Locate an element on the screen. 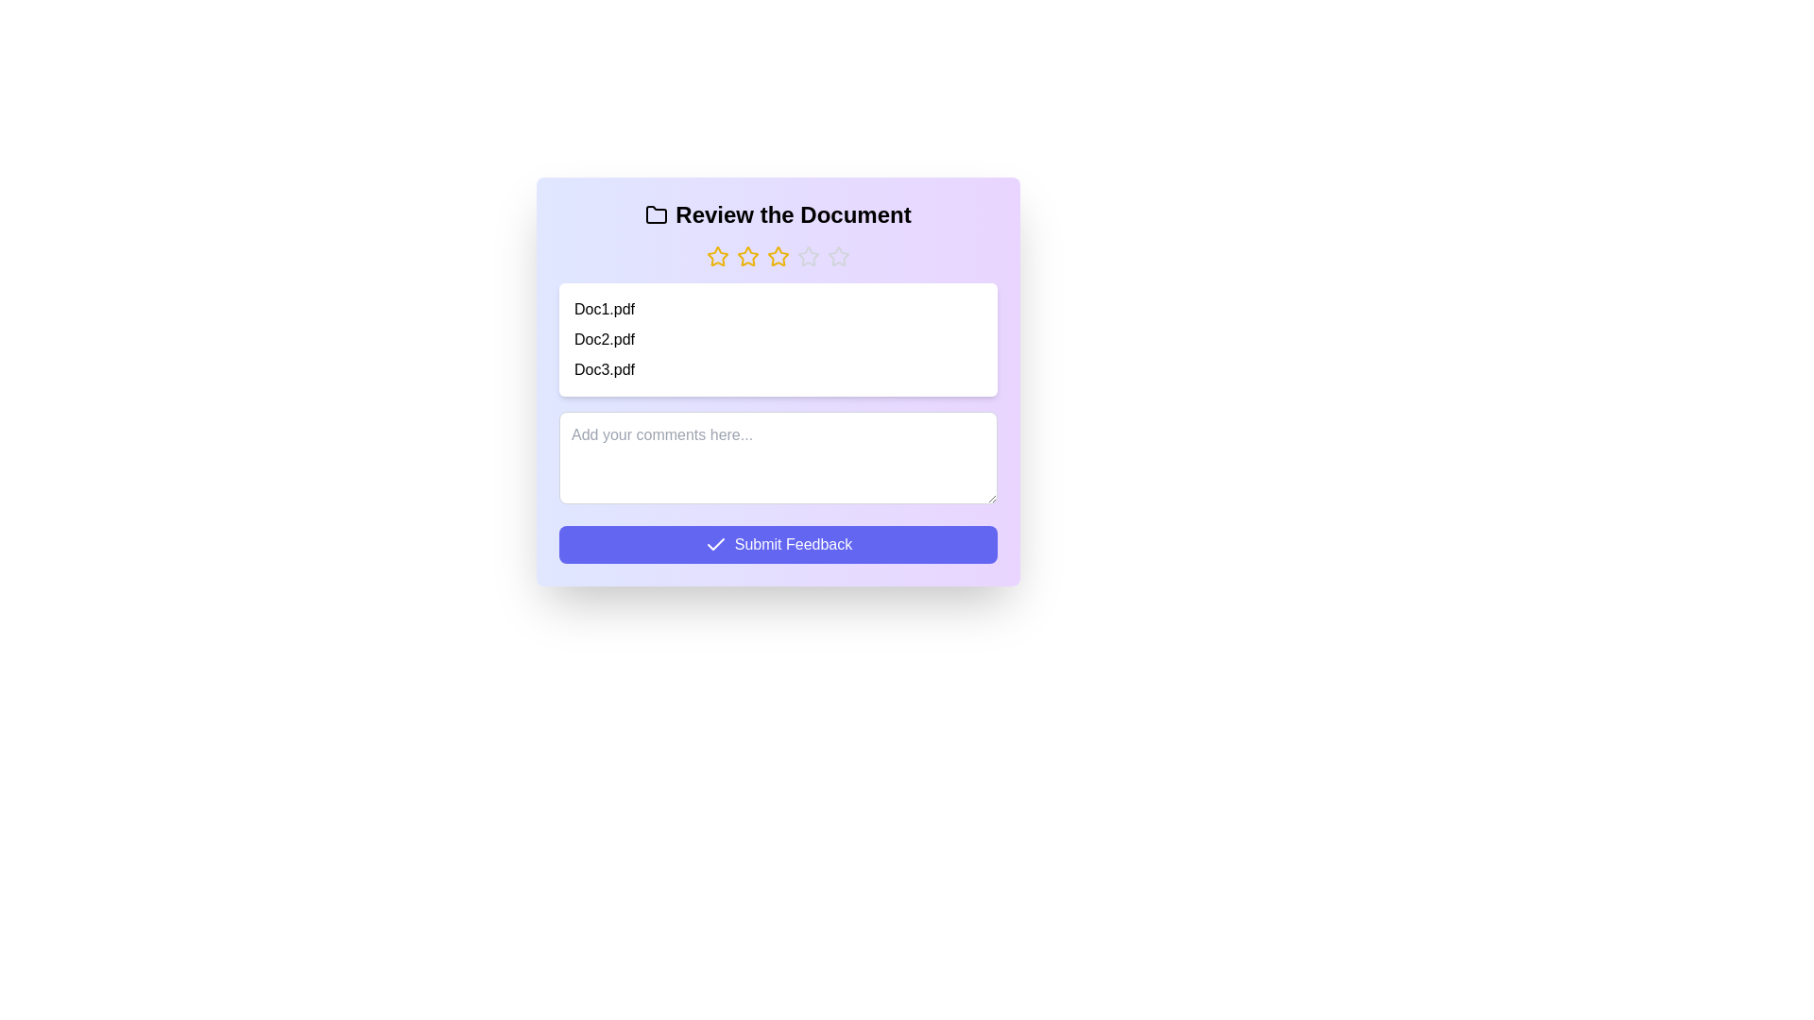 This screenshot has width=1814, height=1020. the rating to 1 stars by clicking on the corresponding star button is located at coordinates (716, 257).